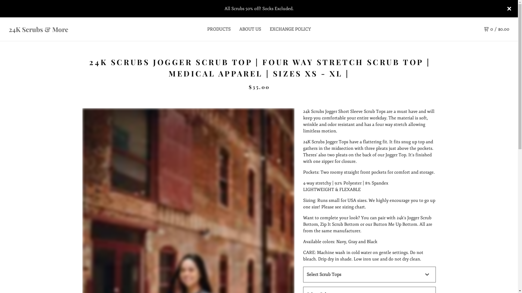 This screenshot has width=522, height=293. What do you see at coordinates (497, 29) in the screenshot?
I see `'0` at bounding box center [497, 29].